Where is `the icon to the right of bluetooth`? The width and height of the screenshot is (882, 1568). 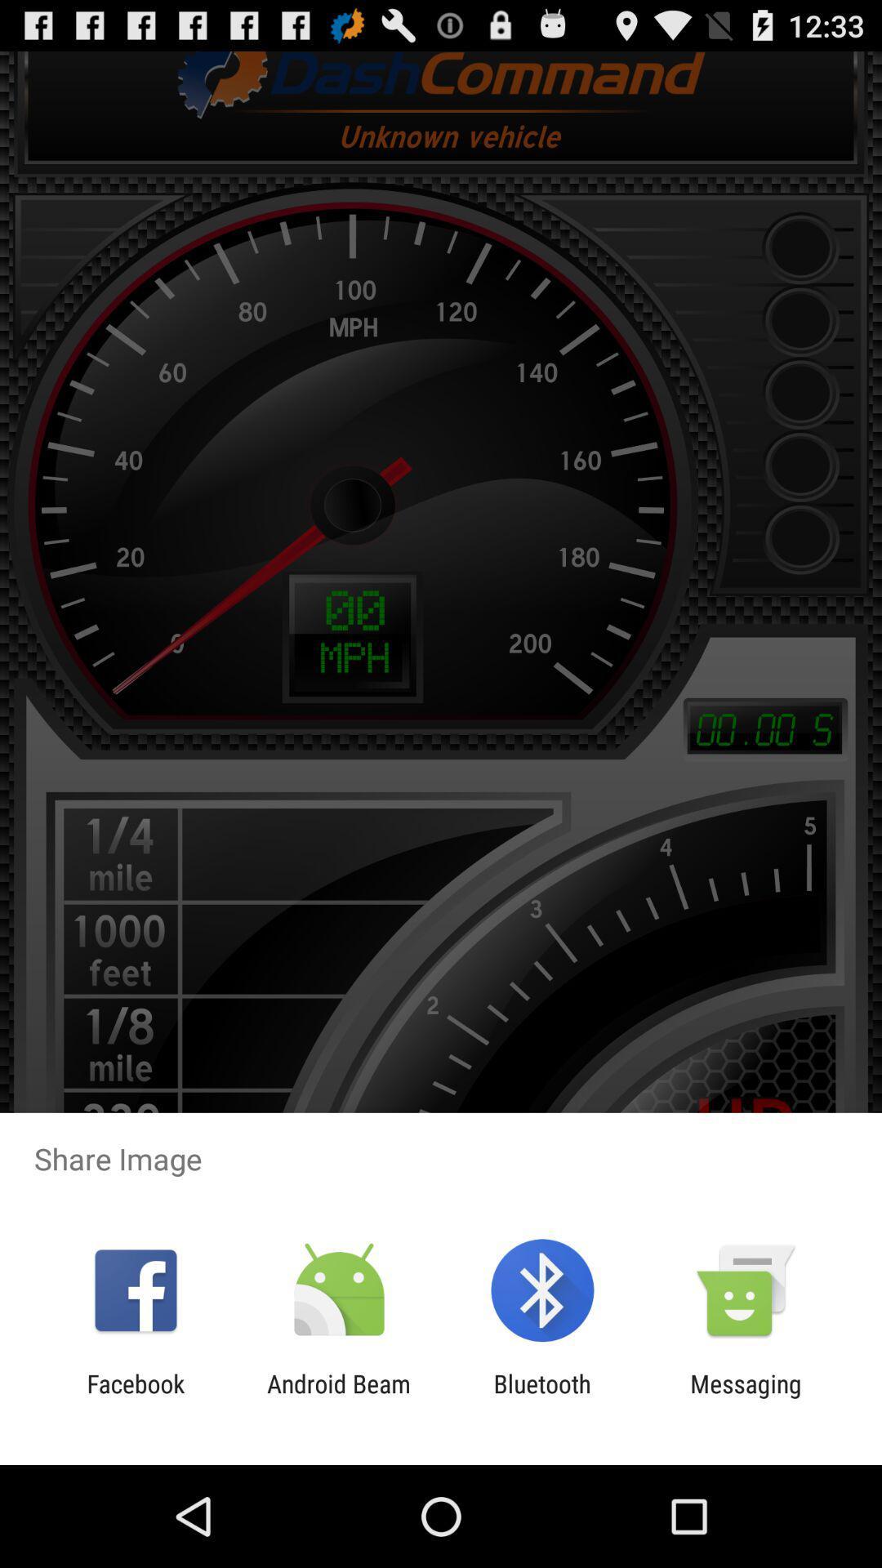 the icon to the right of bluetooth is located at coordinates (746, 1397).